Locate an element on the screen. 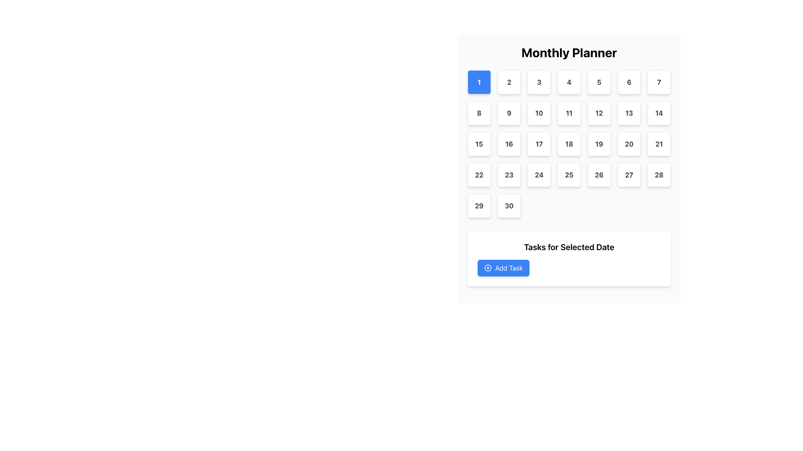 This screenshot has height=451, width=803. the square button labeled '4' with a white background and black bold text to change its background color is located at coordinates (569, 82).